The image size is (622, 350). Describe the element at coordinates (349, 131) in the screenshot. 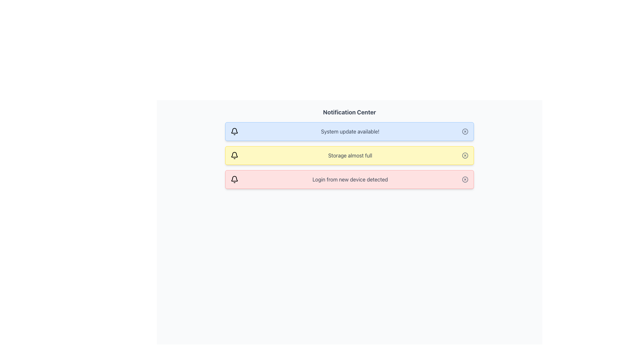

I see `the notification indicating a system update is available, located below the 'Notification Center' title` at that location.